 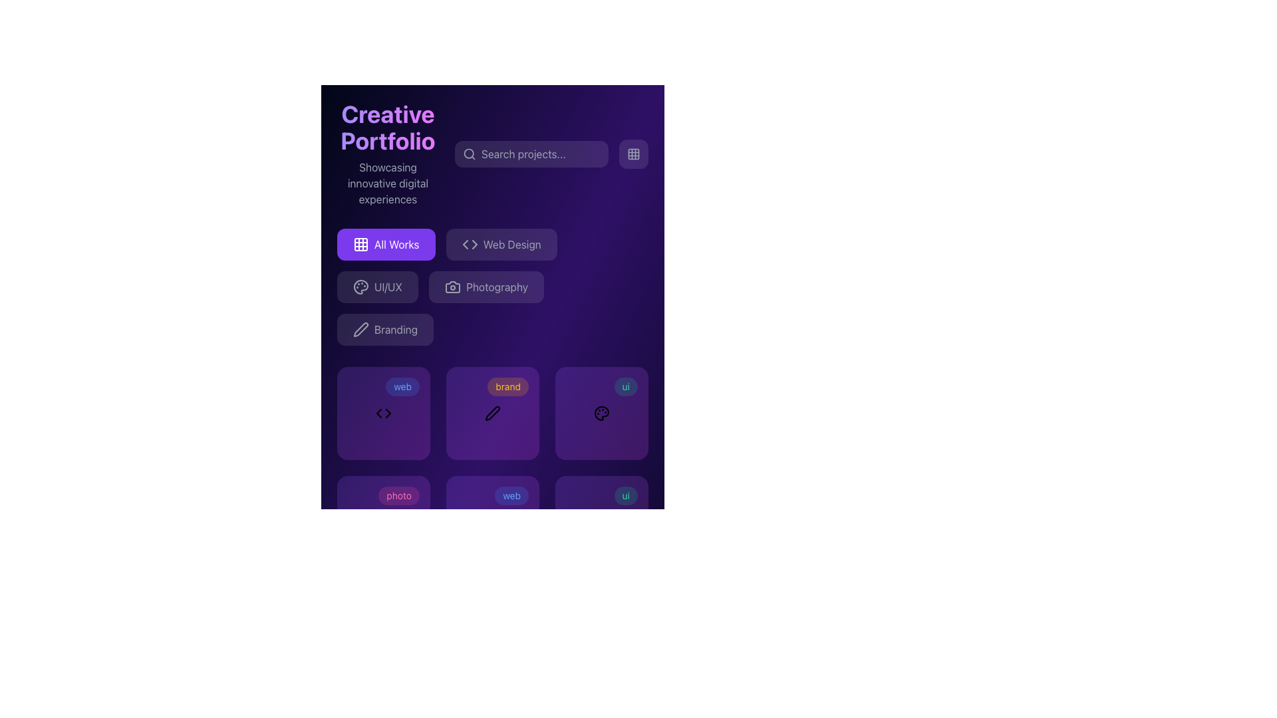 I want to click on the third item in the top row of the grid layout, which is a navigational card used for categorizing UI content, so click(x=601, y=412).